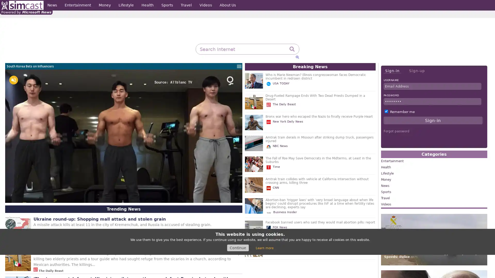  Describe the element at coordinates (392, 71) in the screenshot. I see `Sign-in` at that location.